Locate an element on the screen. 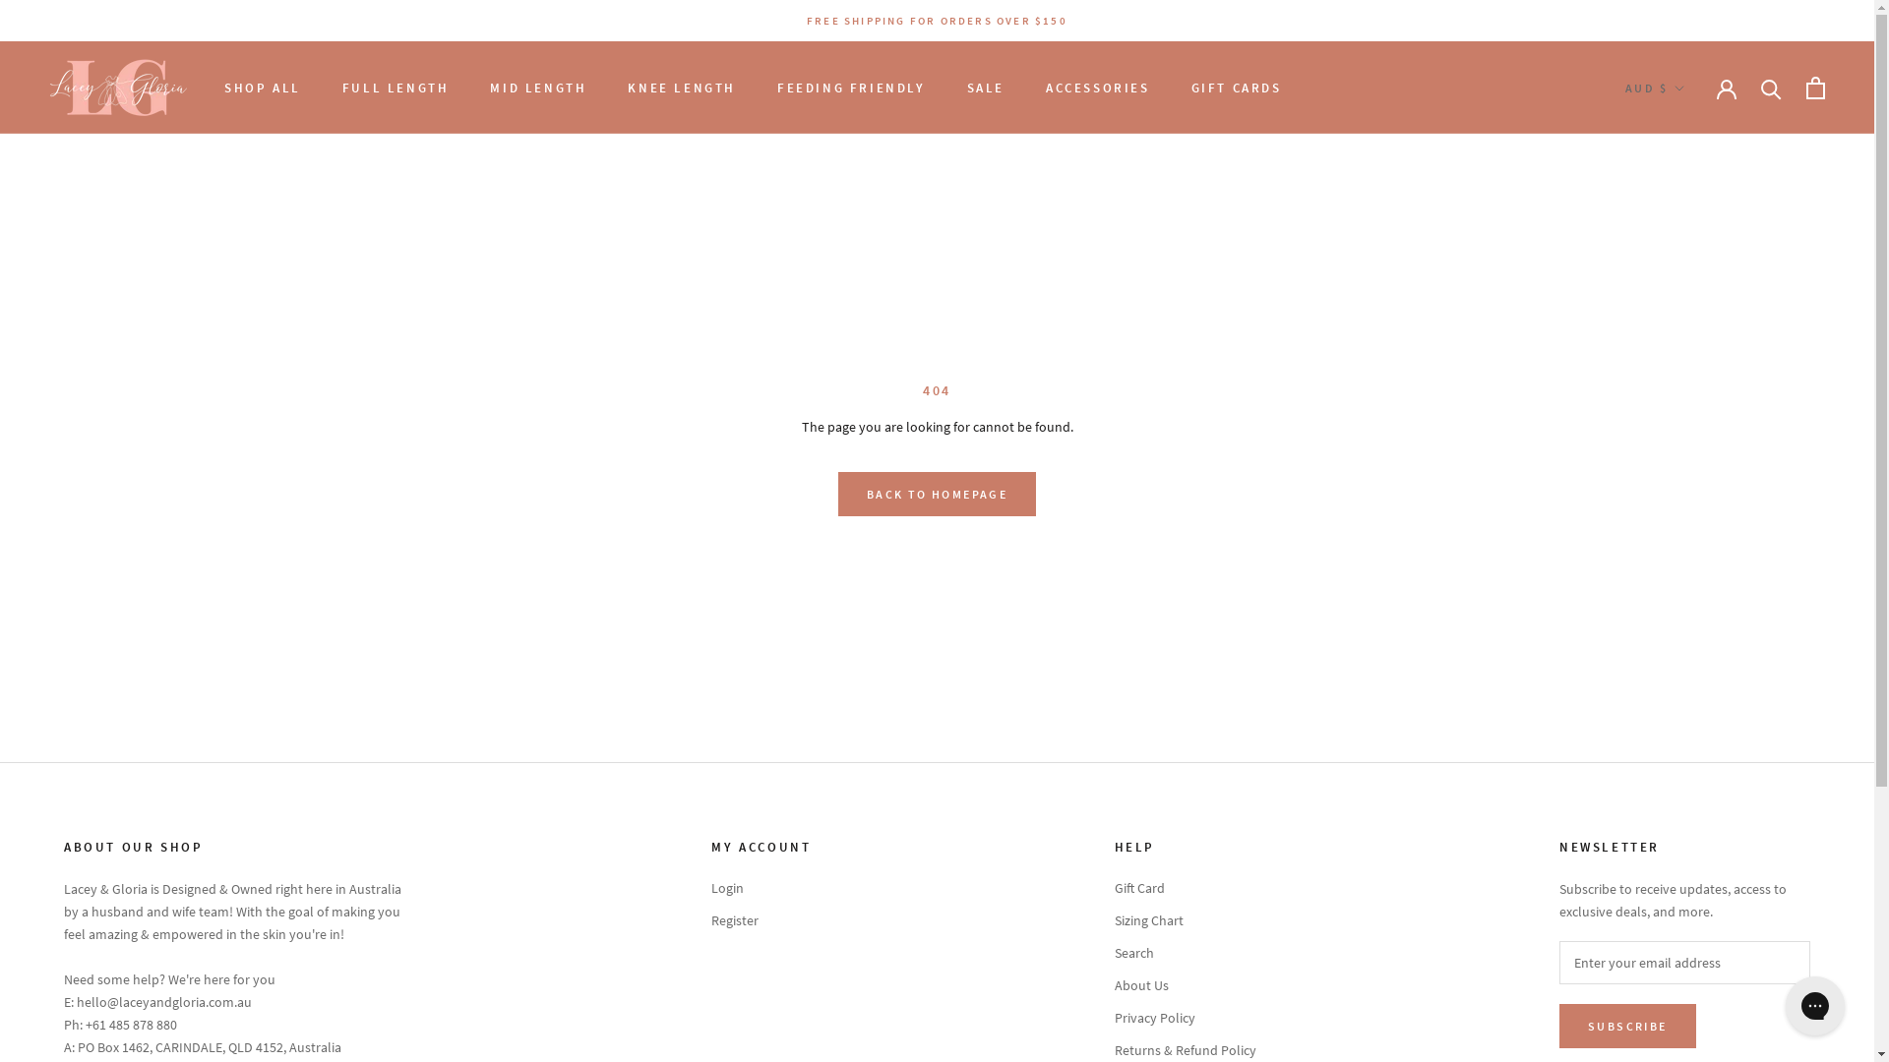 The image size is (1889, 1062). 'AUD' is located at coordinates (1676, 133).